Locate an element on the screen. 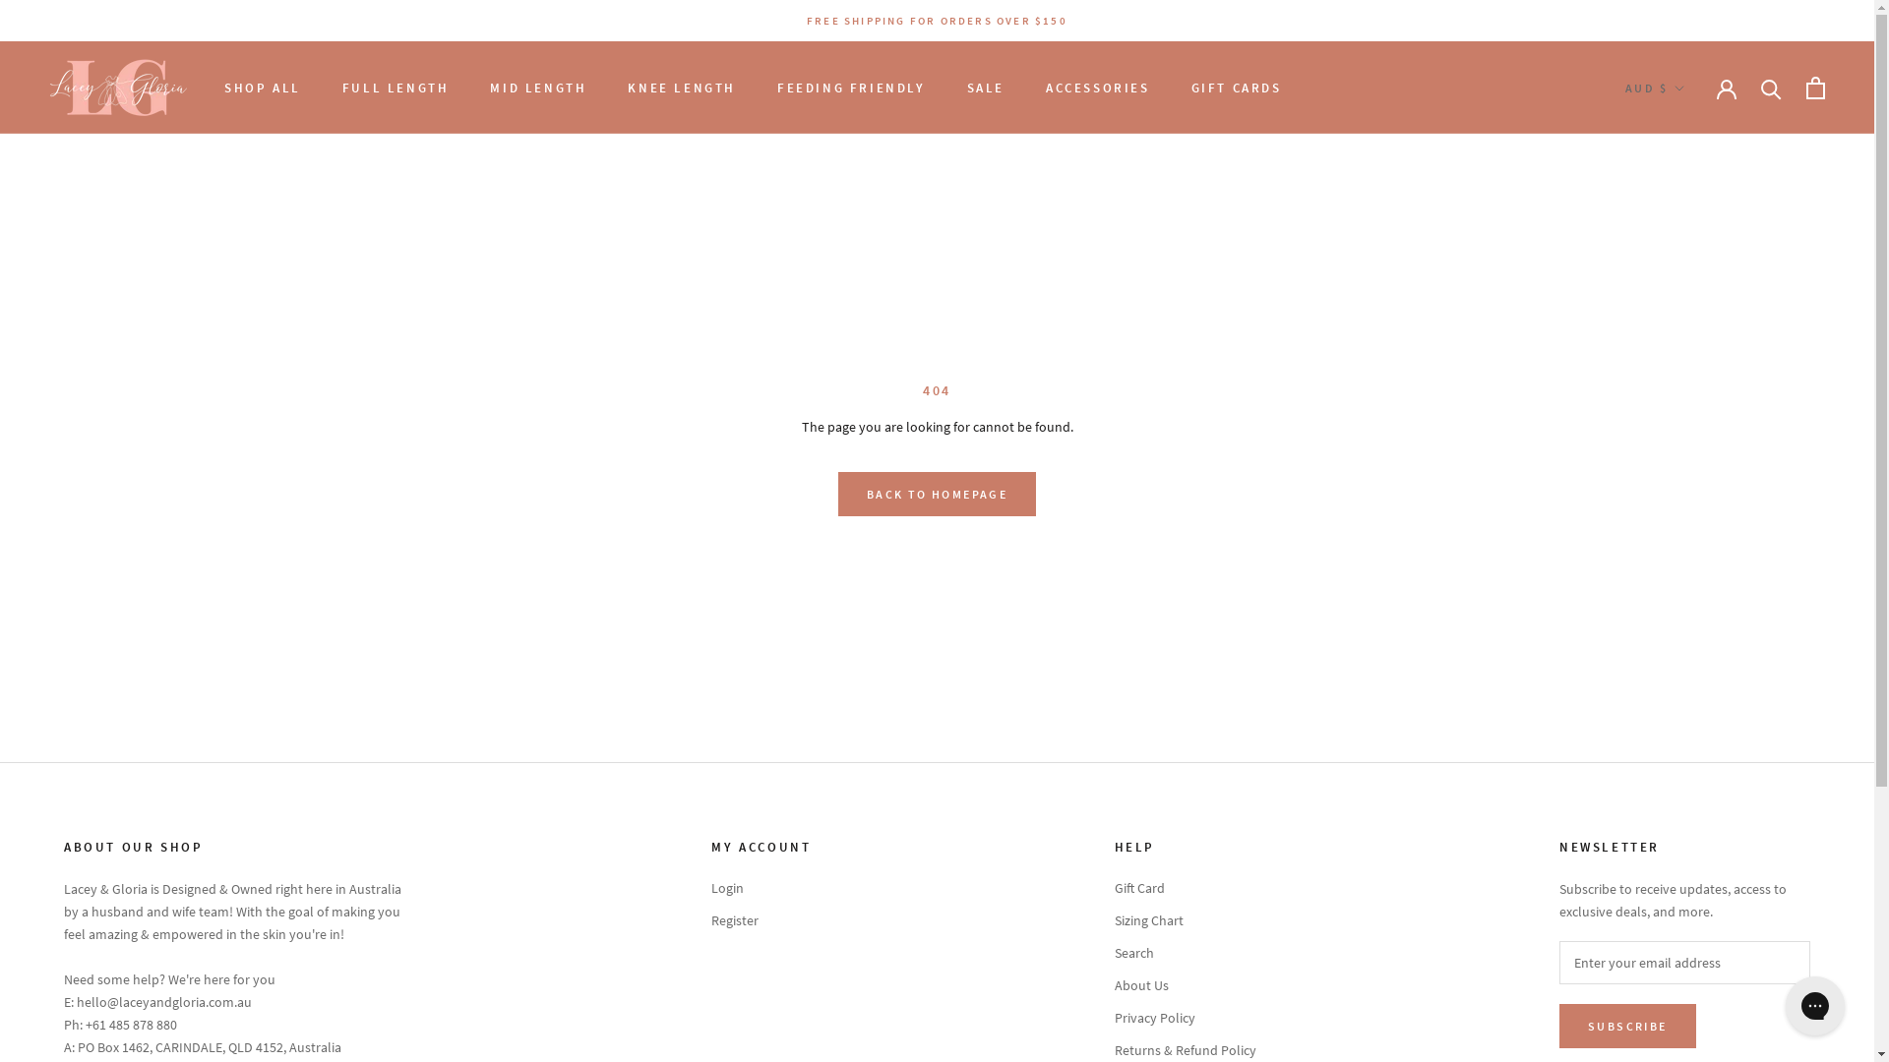 The image size is (1889, 1062). 'AUD' is located at coordinates (1676, 133).